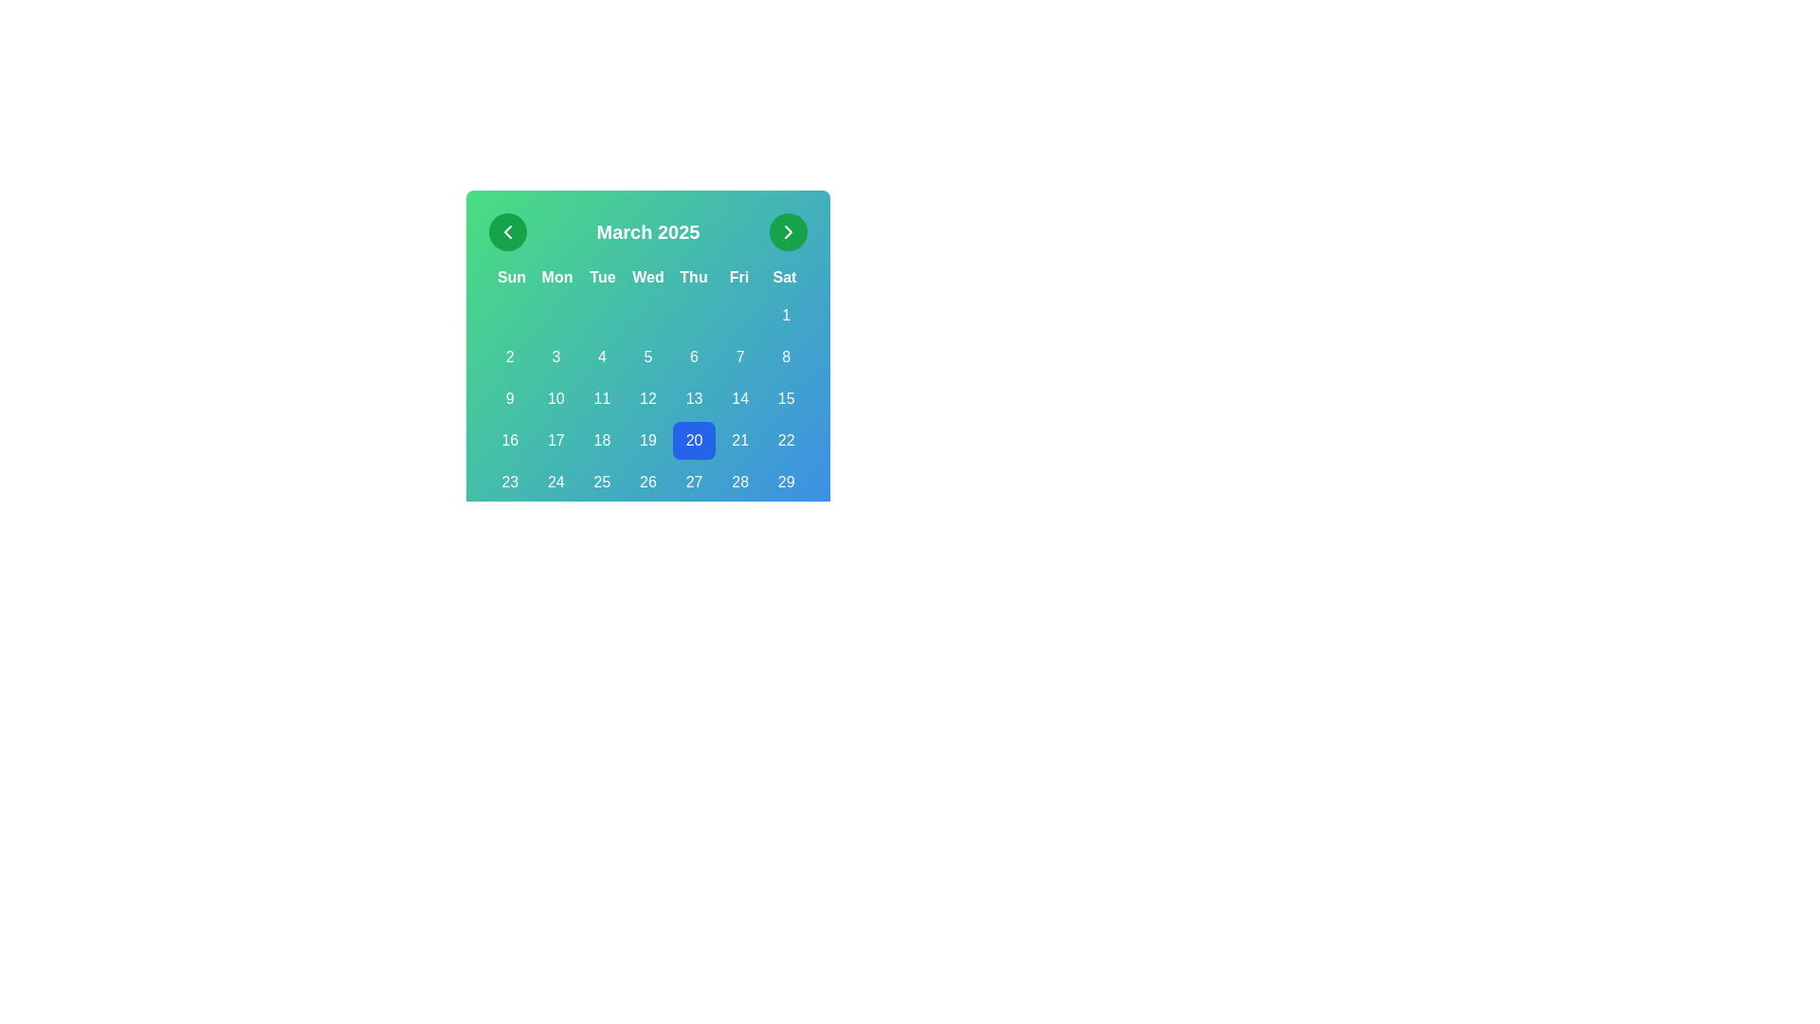 This screenshot has width=1820, height=1024. What do you see at coordinates (786, 482) in the screenshot?
I see `the selectable date button in the calendar interface located in the last column of the last row, which corresponds to Saturday in the last week of the month` at bounding box center [786, 482].